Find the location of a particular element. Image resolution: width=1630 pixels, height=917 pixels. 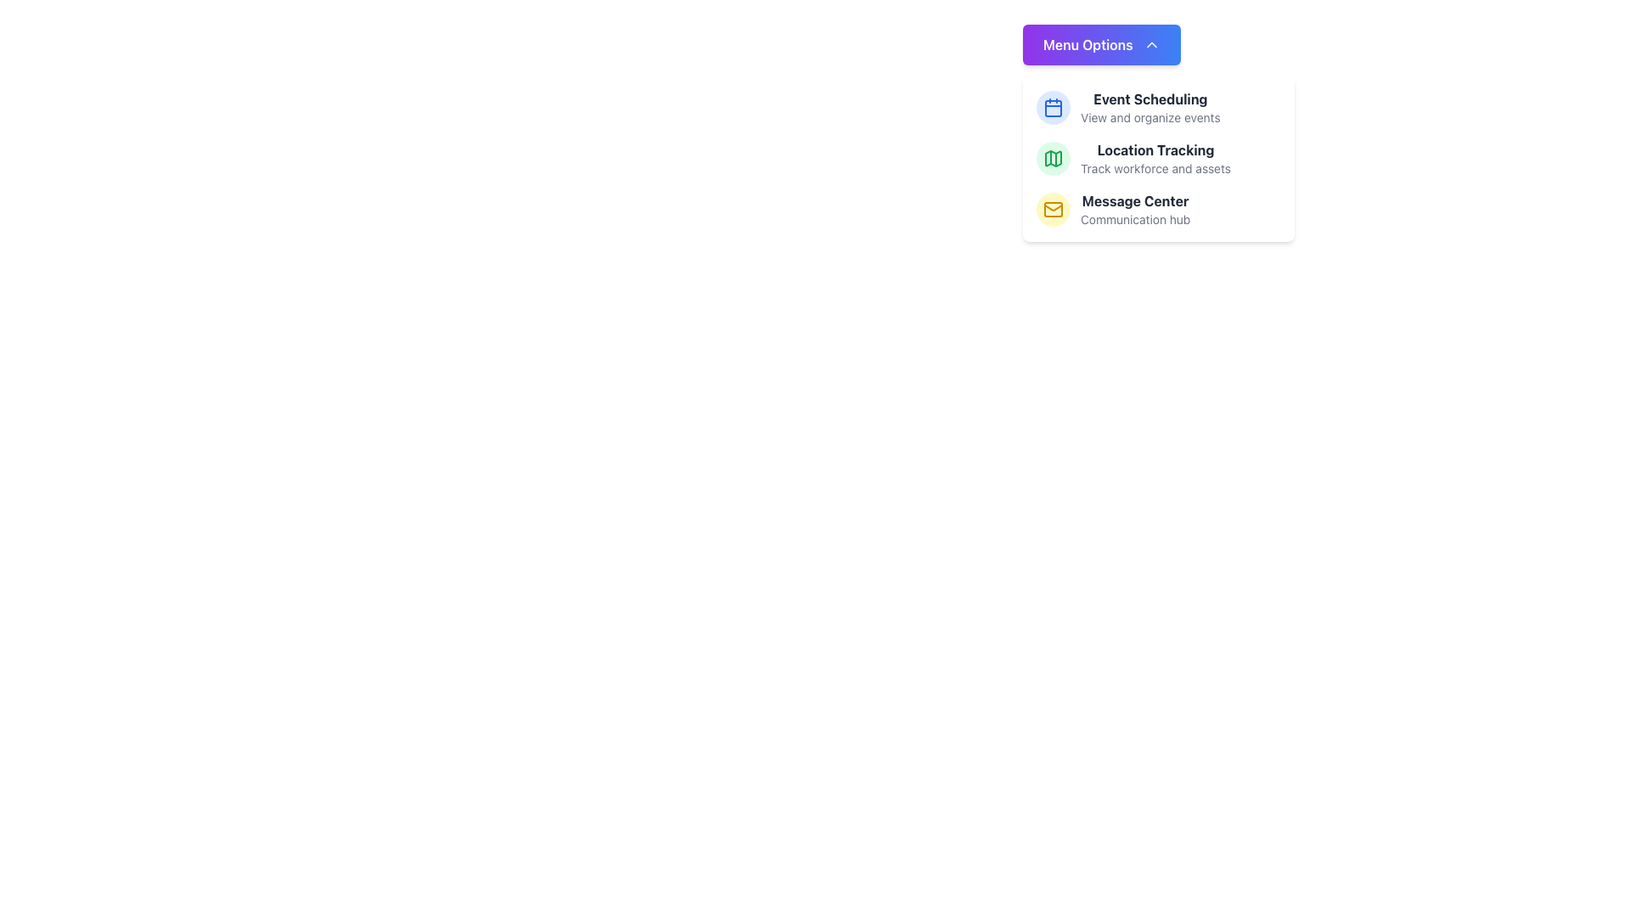

the vibrant green map-shaped icon located within the second list item of the 'Menu Options' vertical menu is located at coordinates (1053, 158).